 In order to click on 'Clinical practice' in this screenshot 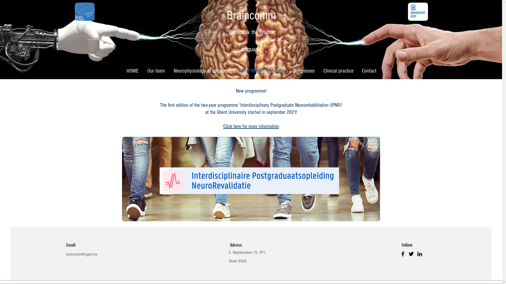, I will do `click(318, 71)`.